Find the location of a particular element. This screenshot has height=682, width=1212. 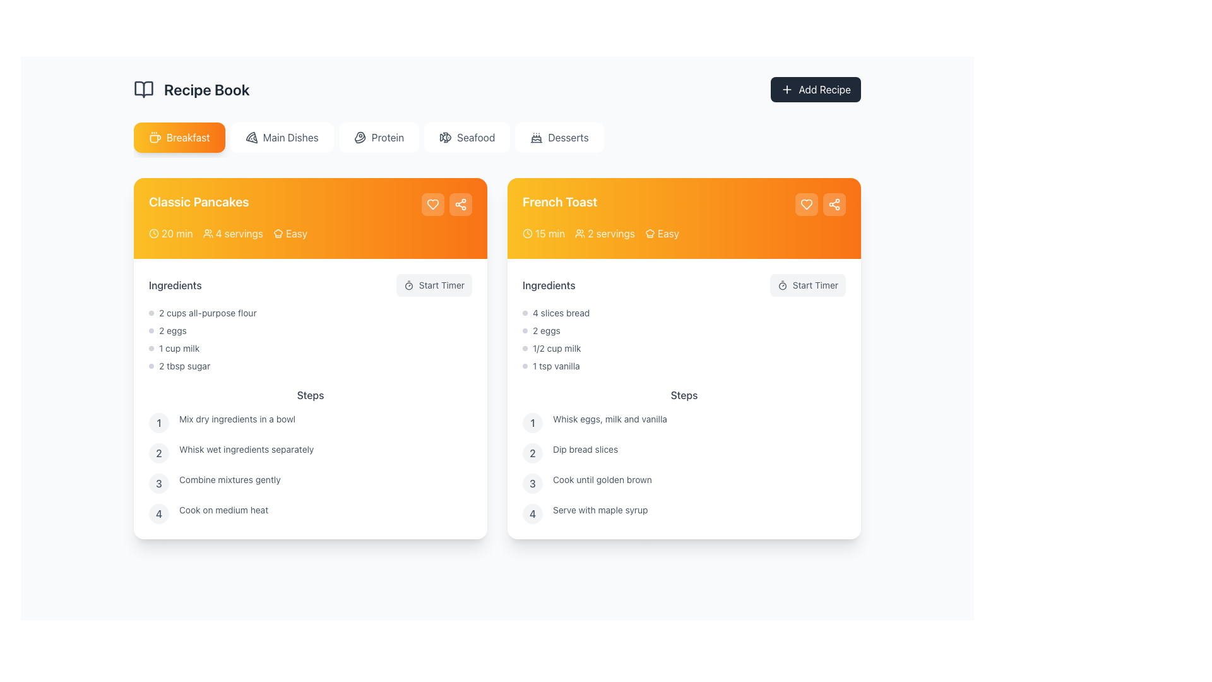

the chef's hat icon located to the left of the 'Easy' label on the 'French Toast' recipe card in the top-right corner is located at coordinates (650, 234).